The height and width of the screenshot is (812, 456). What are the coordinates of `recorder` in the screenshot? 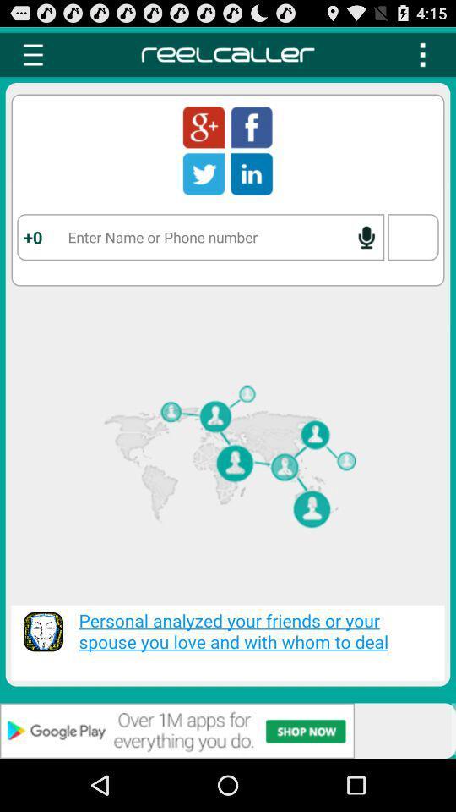 It's located at (366, 236).